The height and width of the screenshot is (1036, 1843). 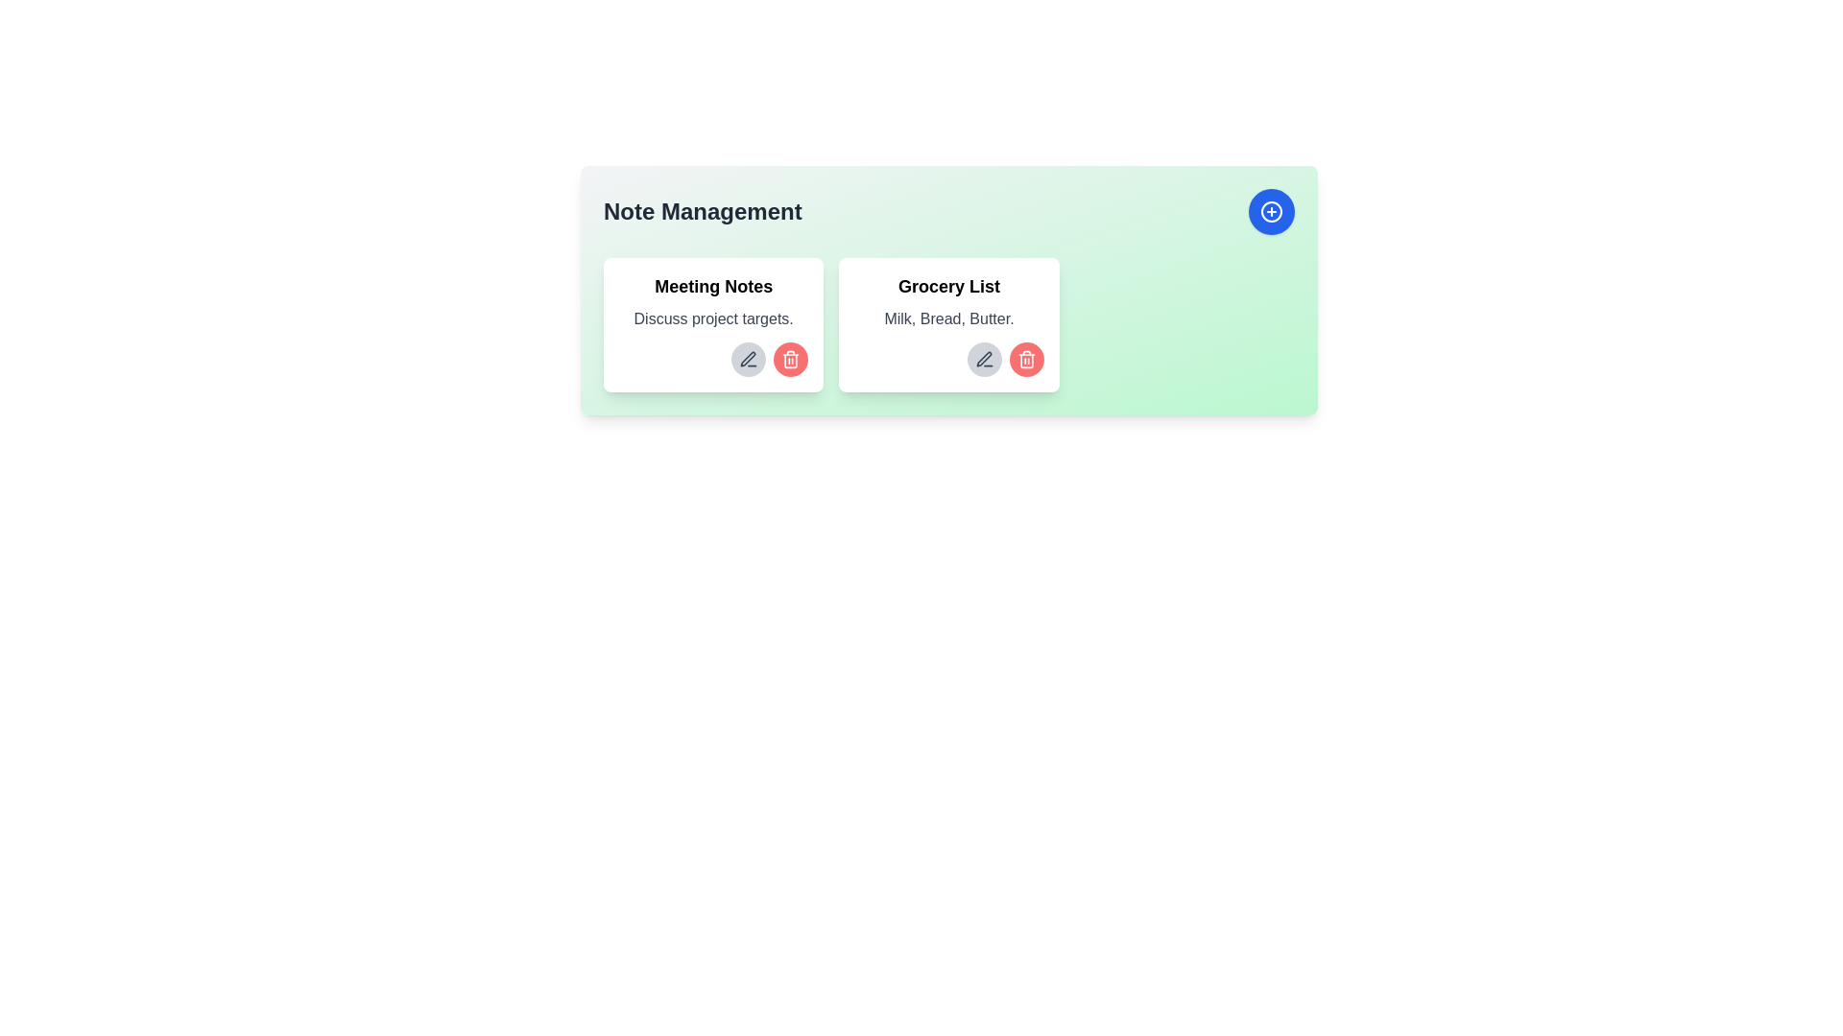 What do you see at coordinates (712, 318) in the screenshot?
I see `the static text element stating 'Discuss project targets.' which is centrally aligned within the card interface below the title 'Meeting Notes.'` at bounding box center [712, 318].